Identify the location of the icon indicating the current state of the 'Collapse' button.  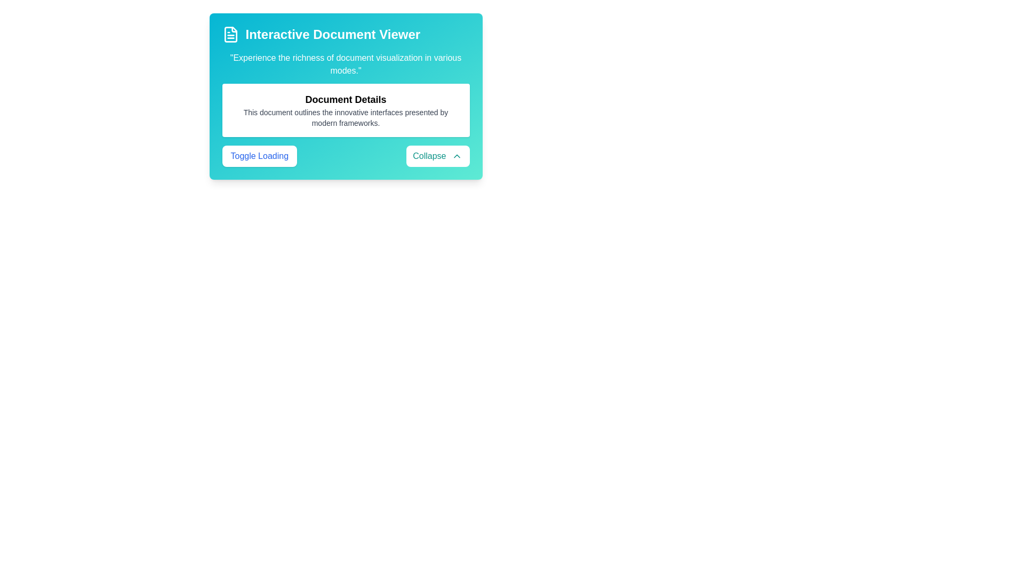
(457, 156).